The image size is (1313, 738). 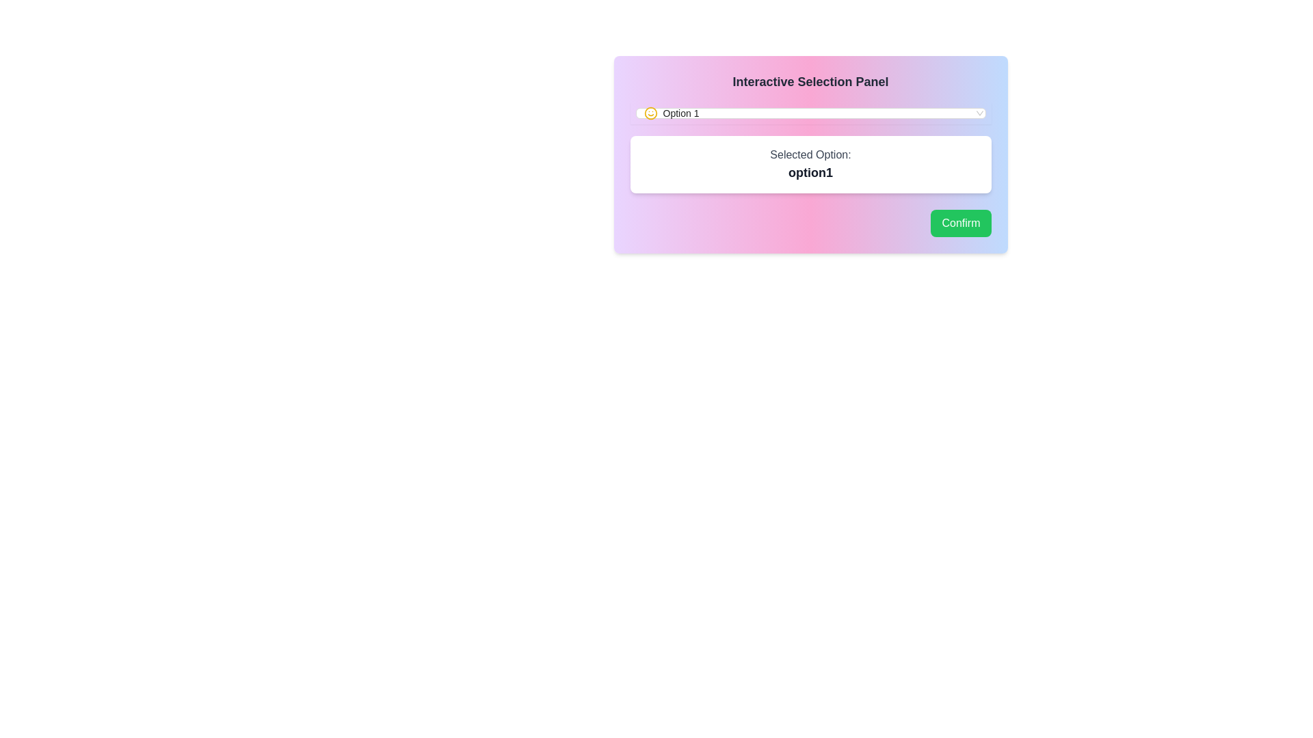 What do you see at coordinates (650, 112) in the screenshot?
I see `the decorative shape of the smiley face icon located on the left side of the 'Option 1' drop-down menu` at bounding box center [650, 112].